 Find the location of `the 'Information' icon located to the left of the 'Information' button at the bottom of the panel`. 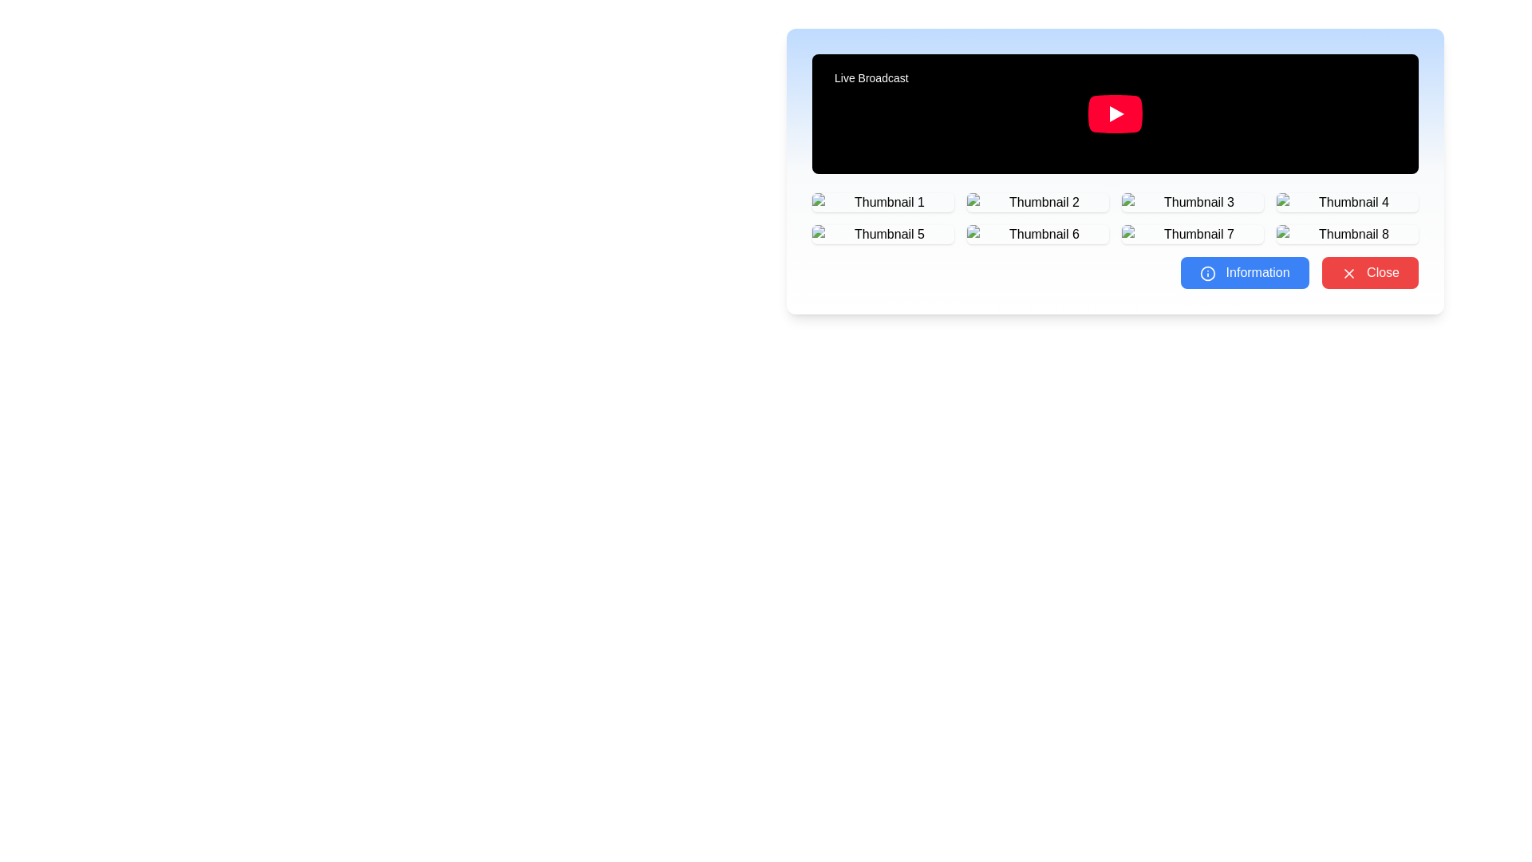

the 'Information' icon located to the left of the 'Information' button at the bottom of the panel is located at coordinates (1208, 272).